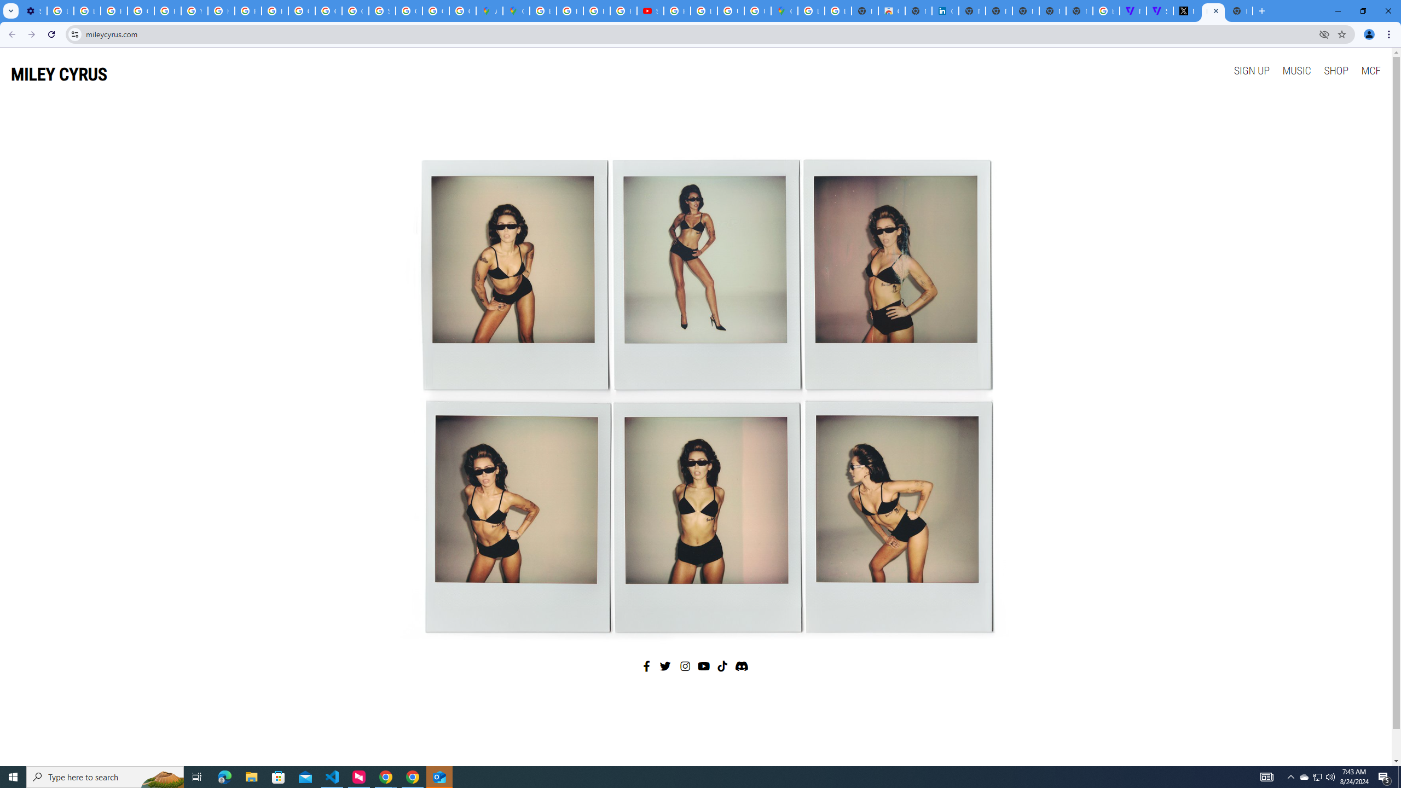 Image resolution: width=1401 pixels, height=788 pixels. What do you see at coordinates (1160, 10) in the screenshot?
I see `'Streaming - The Verge'` at bounding box center [1160, 10].